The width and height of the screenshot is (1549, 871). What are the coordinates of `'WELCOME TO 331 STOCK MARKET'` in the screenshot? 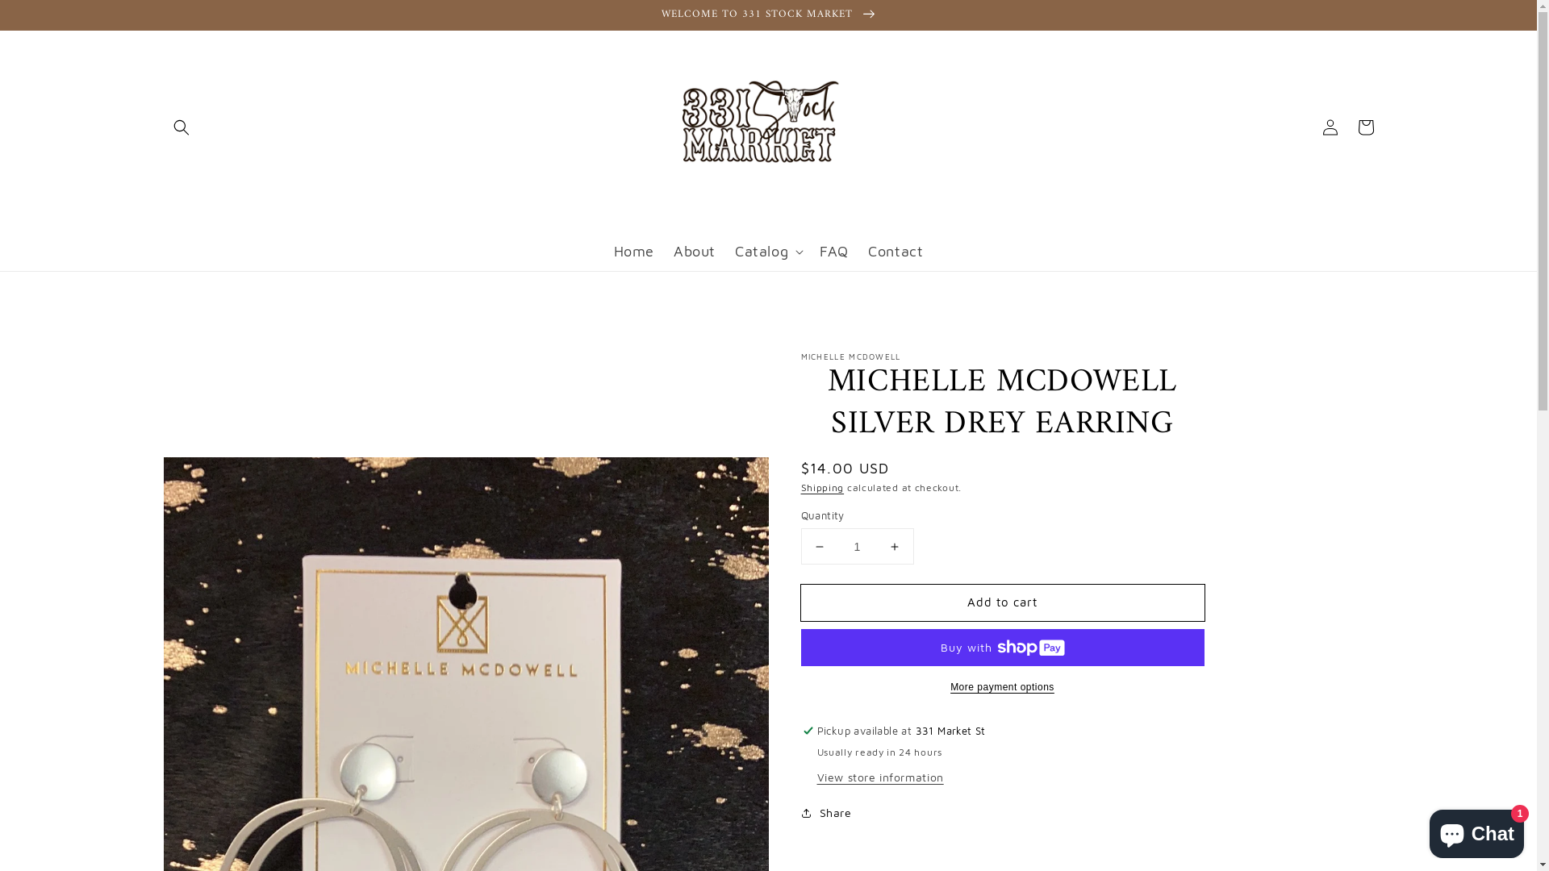 It's located at (767, 15).